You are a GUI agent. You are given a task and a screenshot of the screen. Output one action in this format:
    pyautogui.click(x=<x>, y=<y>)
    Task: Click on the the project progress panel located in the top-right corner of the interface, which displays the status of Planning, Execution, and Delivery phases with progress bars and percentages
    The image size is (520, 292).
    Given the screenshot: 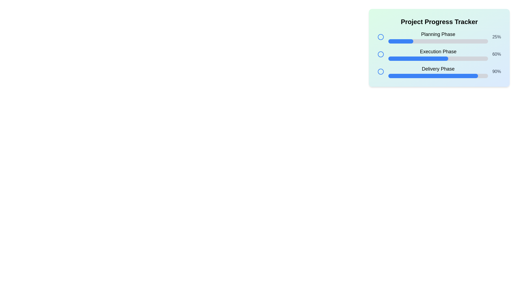 What is the action you would take?
    pyautogui.click(x=439, y=48)
    